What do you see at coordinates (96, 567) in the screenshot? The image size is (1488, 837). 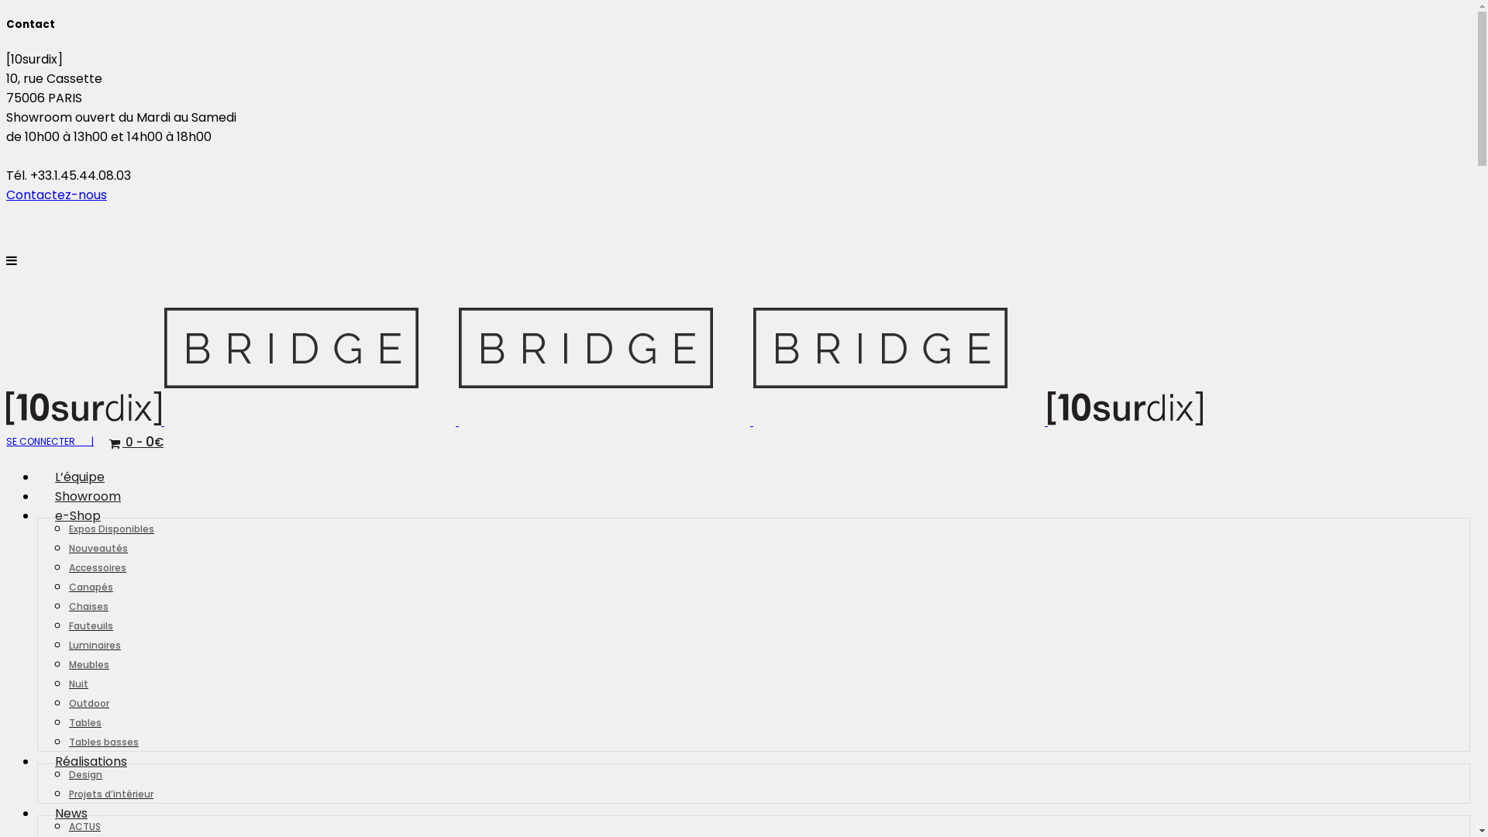 I see `'Accessoires'` at bounding box center [96, 567].